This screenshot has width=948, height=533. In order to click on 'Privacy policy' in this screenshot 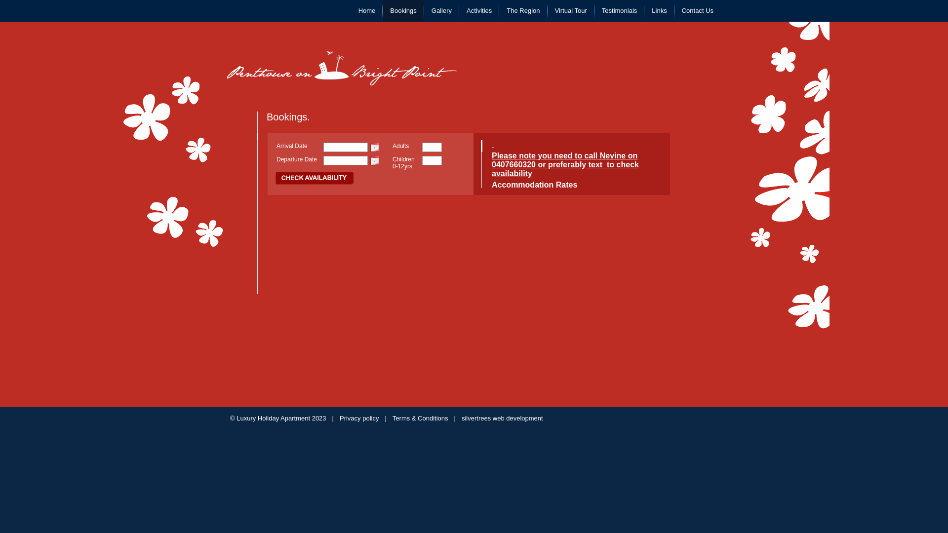, I will do `click(358, 418)`.